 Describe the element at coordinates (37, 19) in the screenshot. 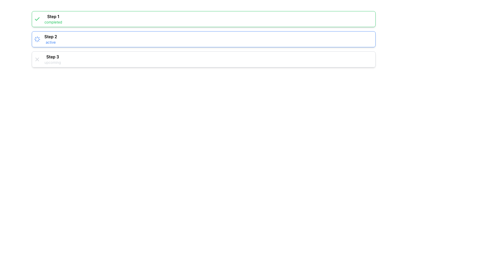

I see `the Graphical Icon (Check Mark) located near the text 'Step 1' within a green-bordered box in the horizontal progress indicator` at that location.